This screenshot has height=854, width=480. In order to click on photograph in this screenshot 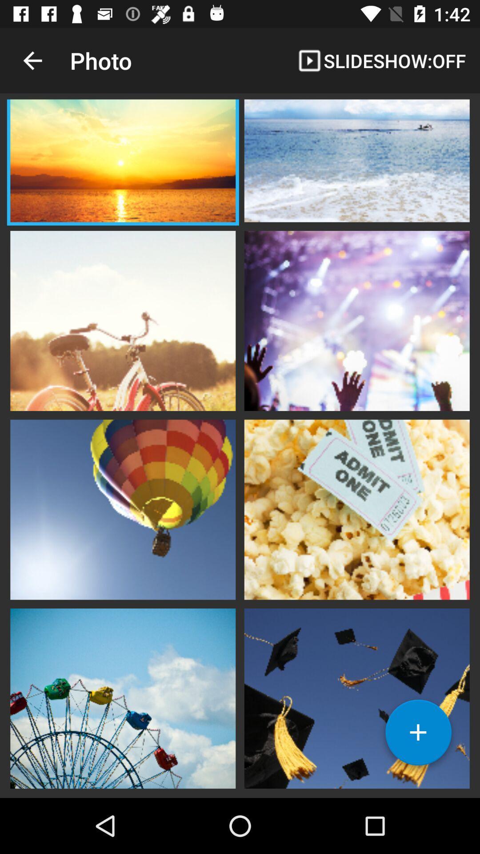, I will do `click(418, 736)`.